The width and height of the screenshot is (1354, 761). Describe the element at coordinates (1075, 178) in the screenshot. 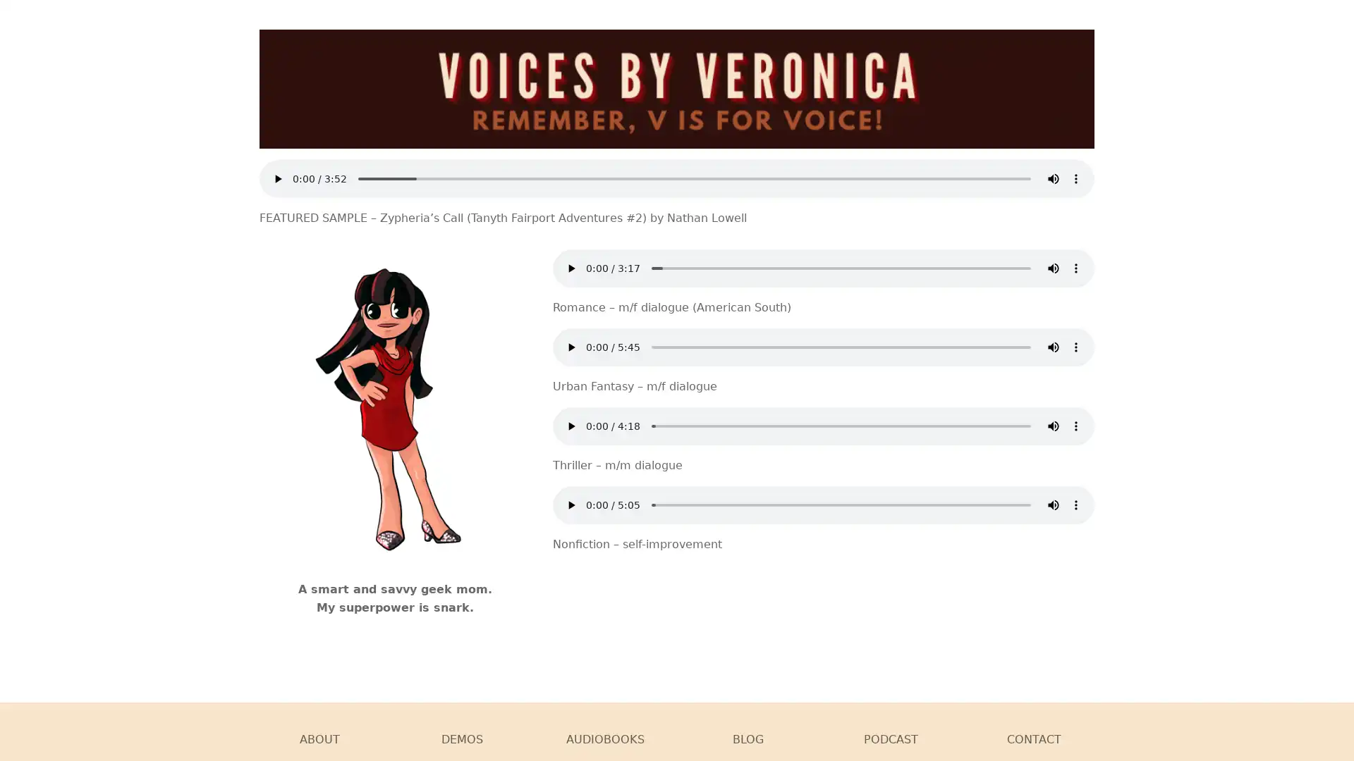

I see `show more media controls` at that location.